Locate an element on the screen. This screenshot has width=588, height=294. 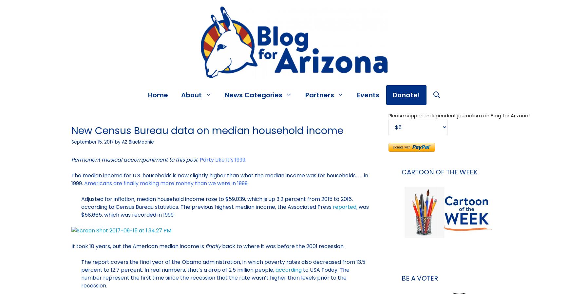
'Party Like It’s 1999' is located at coordinates (222, 160).